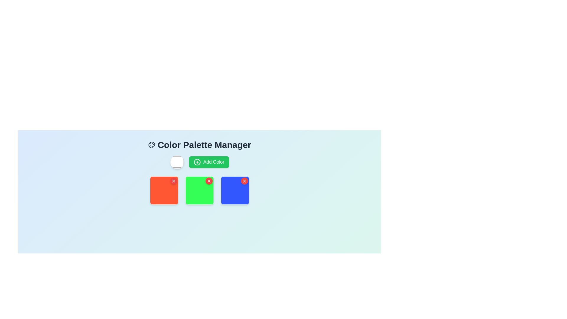 The width and height of the screenshot is (567, 319). What do you see at coordinates (209, 181) in the screenshot?
I see `the delete button located in the upper-right corner of the green card` at bounding box center [209, 181].